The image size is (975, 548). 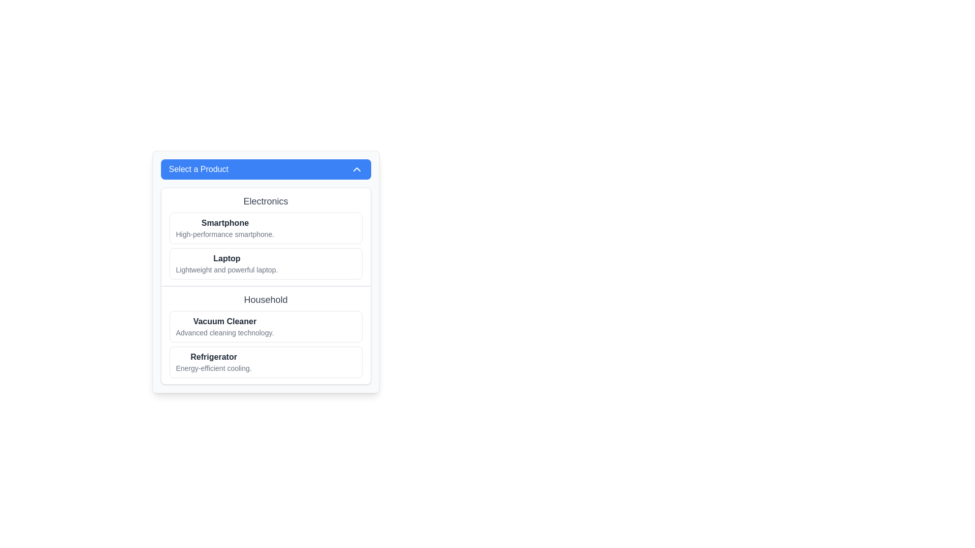 I want to click on the text label displaying 'Laptop' that is in bold font within a white rectangular card under the 'Electronics' section, so click(x=226, y=258).